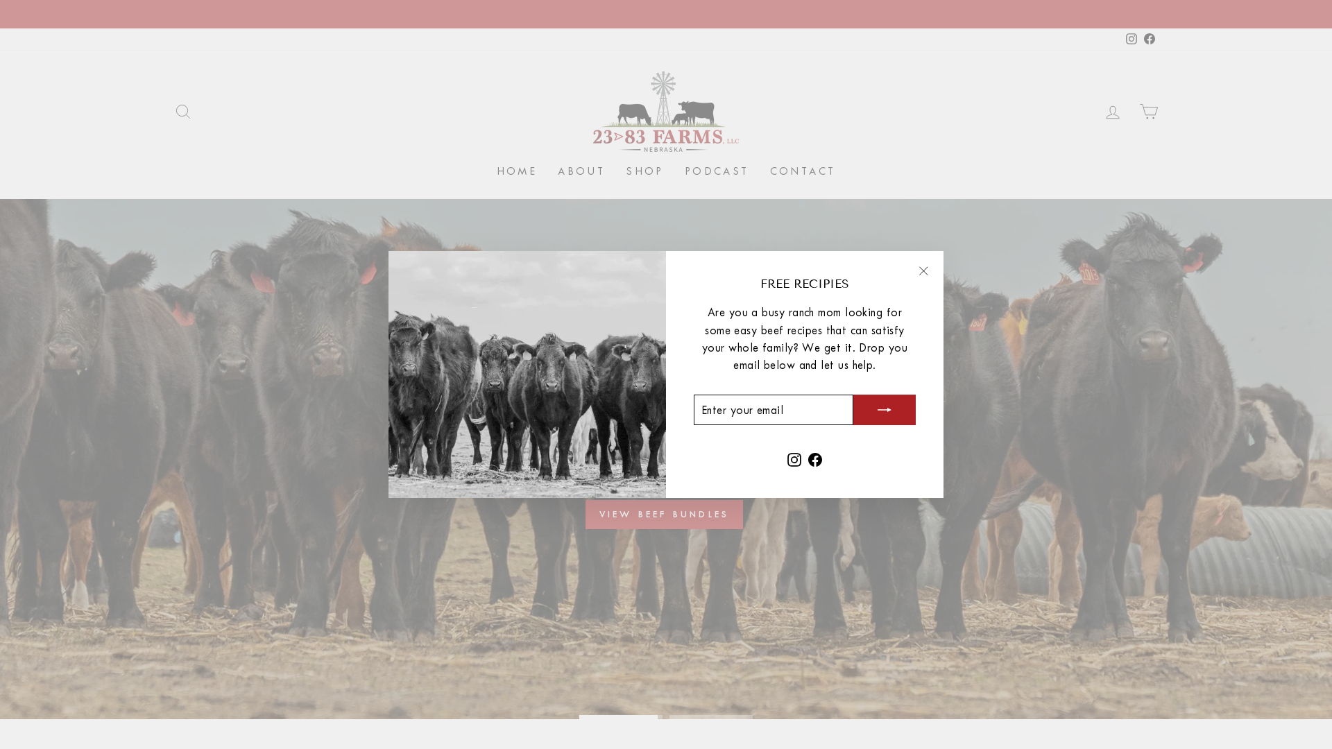 Image resolution: width=1332 pixels, height=749 pixels. I want to click on 'Facebook', so click(1149, 38).